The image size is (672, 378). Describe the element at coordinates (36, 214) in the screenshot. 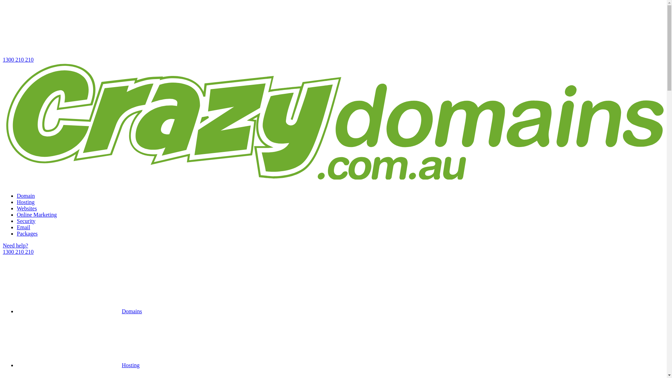

I see `'Online Marketing'` at that location.